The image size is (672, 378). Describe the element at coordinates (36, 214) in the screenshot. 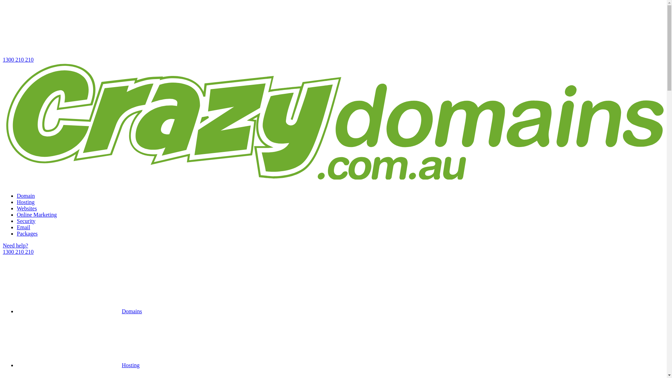

I see `'Online Marketing'` at that location.